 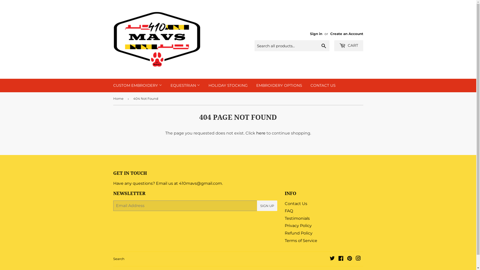 What do you see at coordinates (301, 240) in the screenshot?
I see `'Terms of Service'` at bounding box center [301, 240].